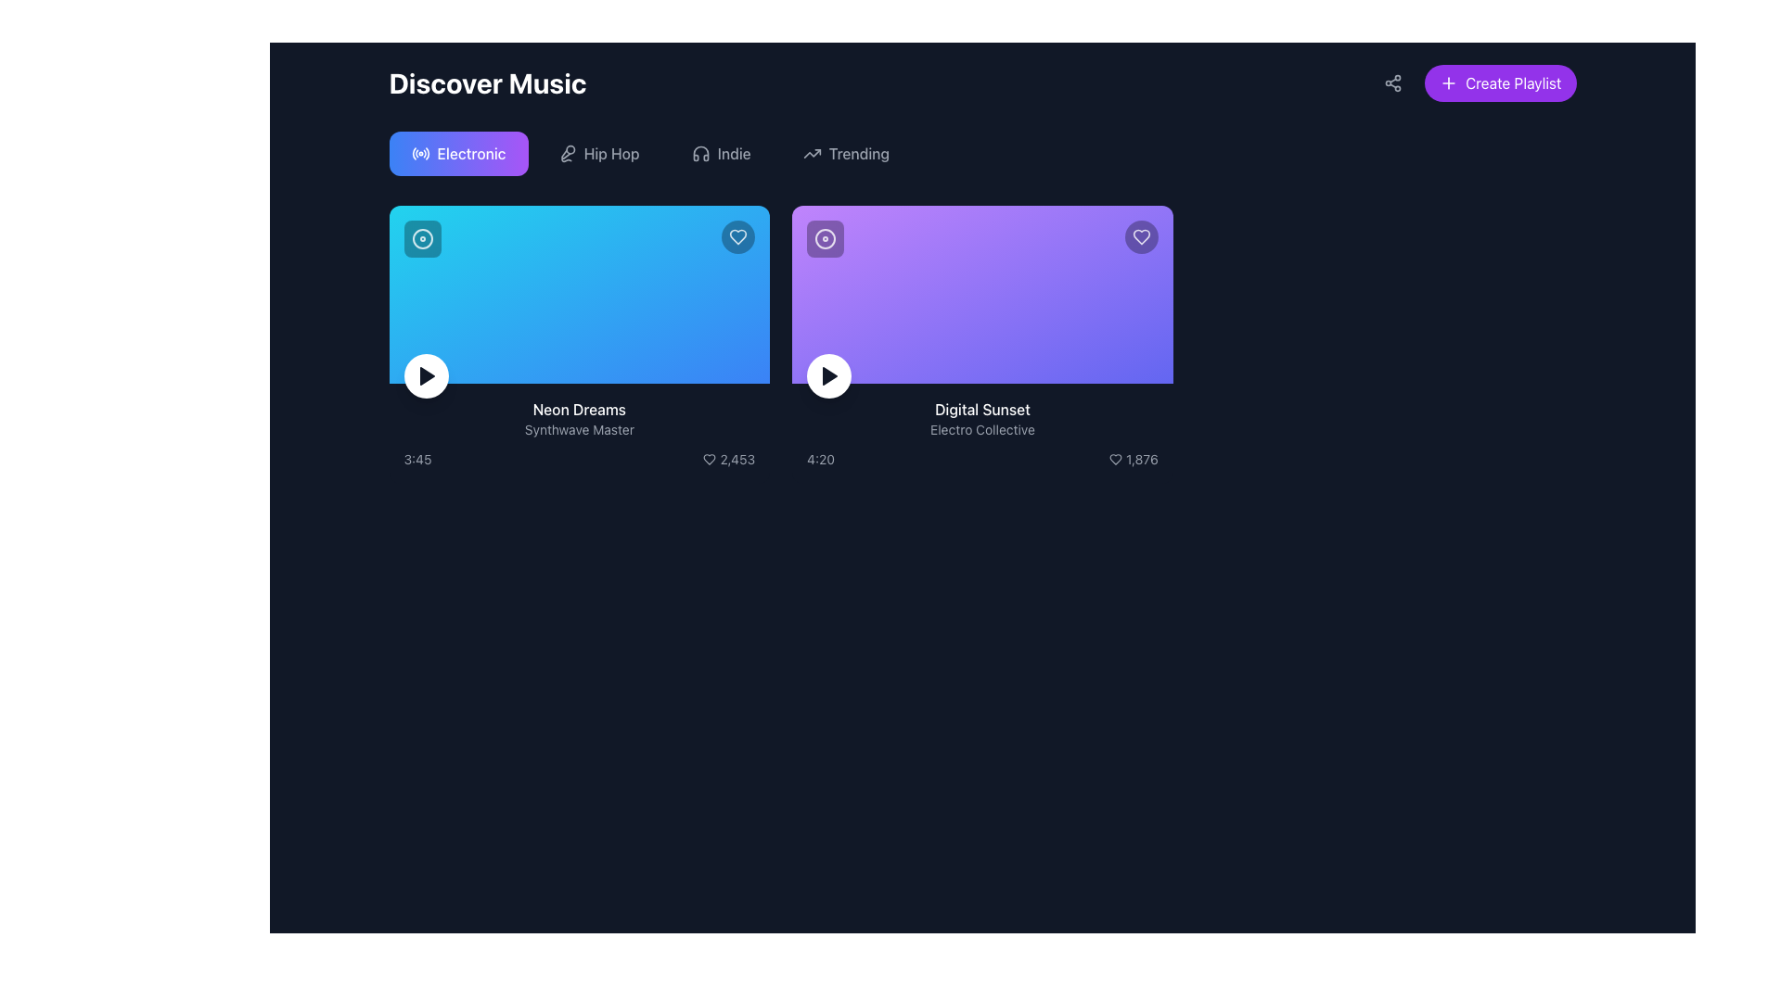 Image resolution: width=1781 pixels, height=1001 pixels. I want to click on the static text displaying the count of likes or engagements associated with the adjacent music item, which is positioned below the 'Neon Dreams' title and to the right of a heart icon, so click(737, 459).